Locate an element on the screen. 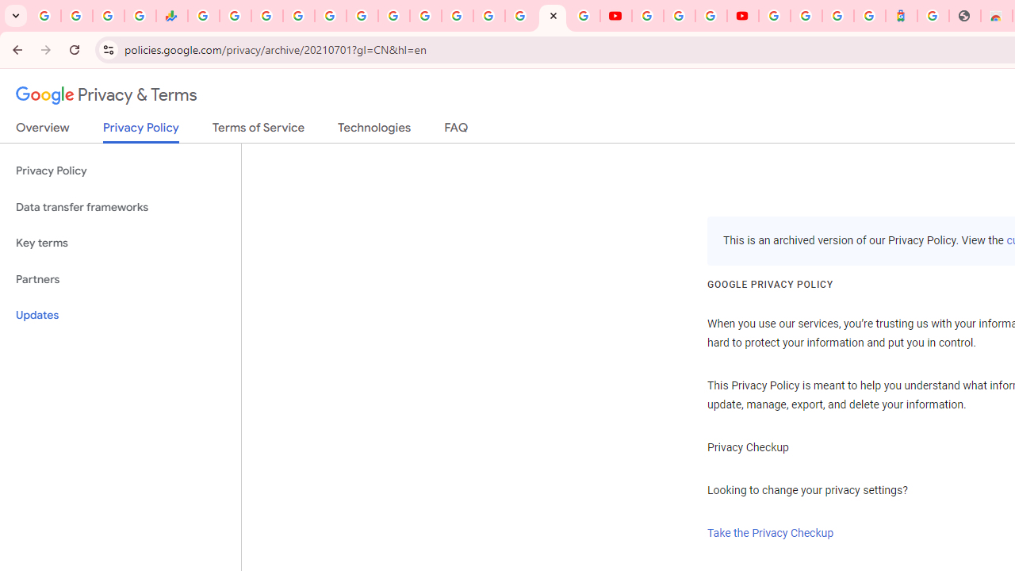 Image resolution: width=1015 pixels, height=571 pixels. 'Google Workspace Admin Community' is located at coordinates (44, 16).